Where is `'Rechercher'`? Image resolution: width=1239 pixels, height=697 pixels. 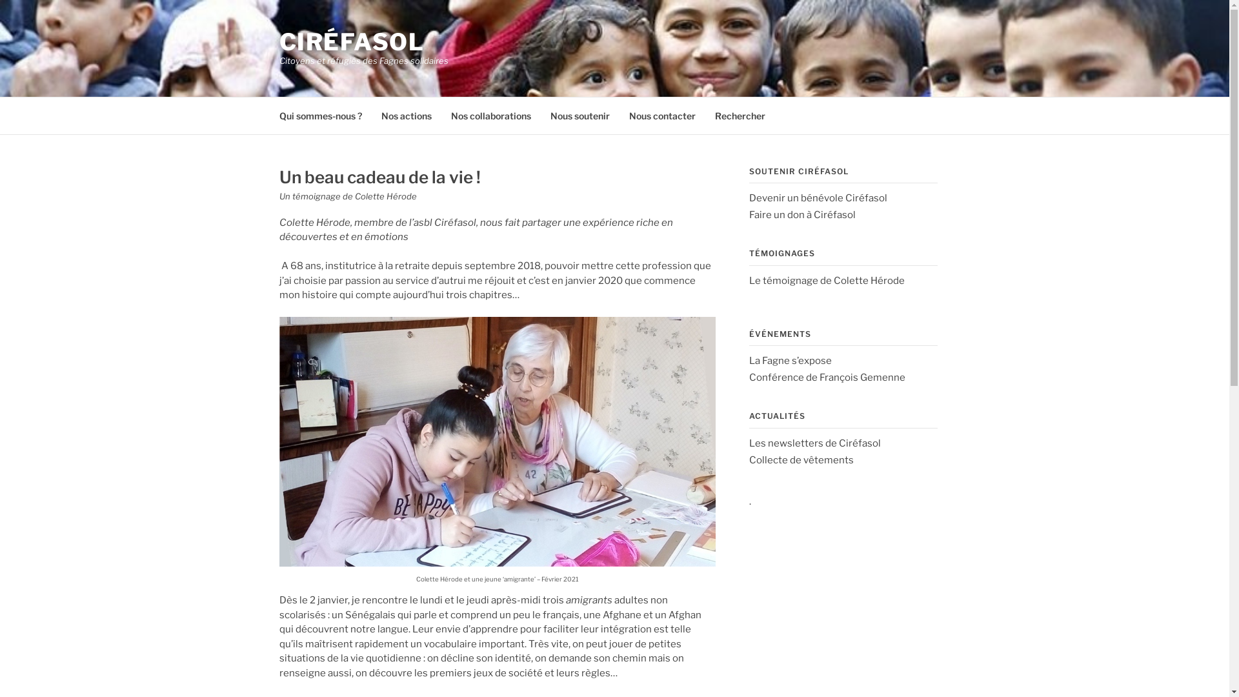 'Rechercher' is located at coordinates (740, 114).